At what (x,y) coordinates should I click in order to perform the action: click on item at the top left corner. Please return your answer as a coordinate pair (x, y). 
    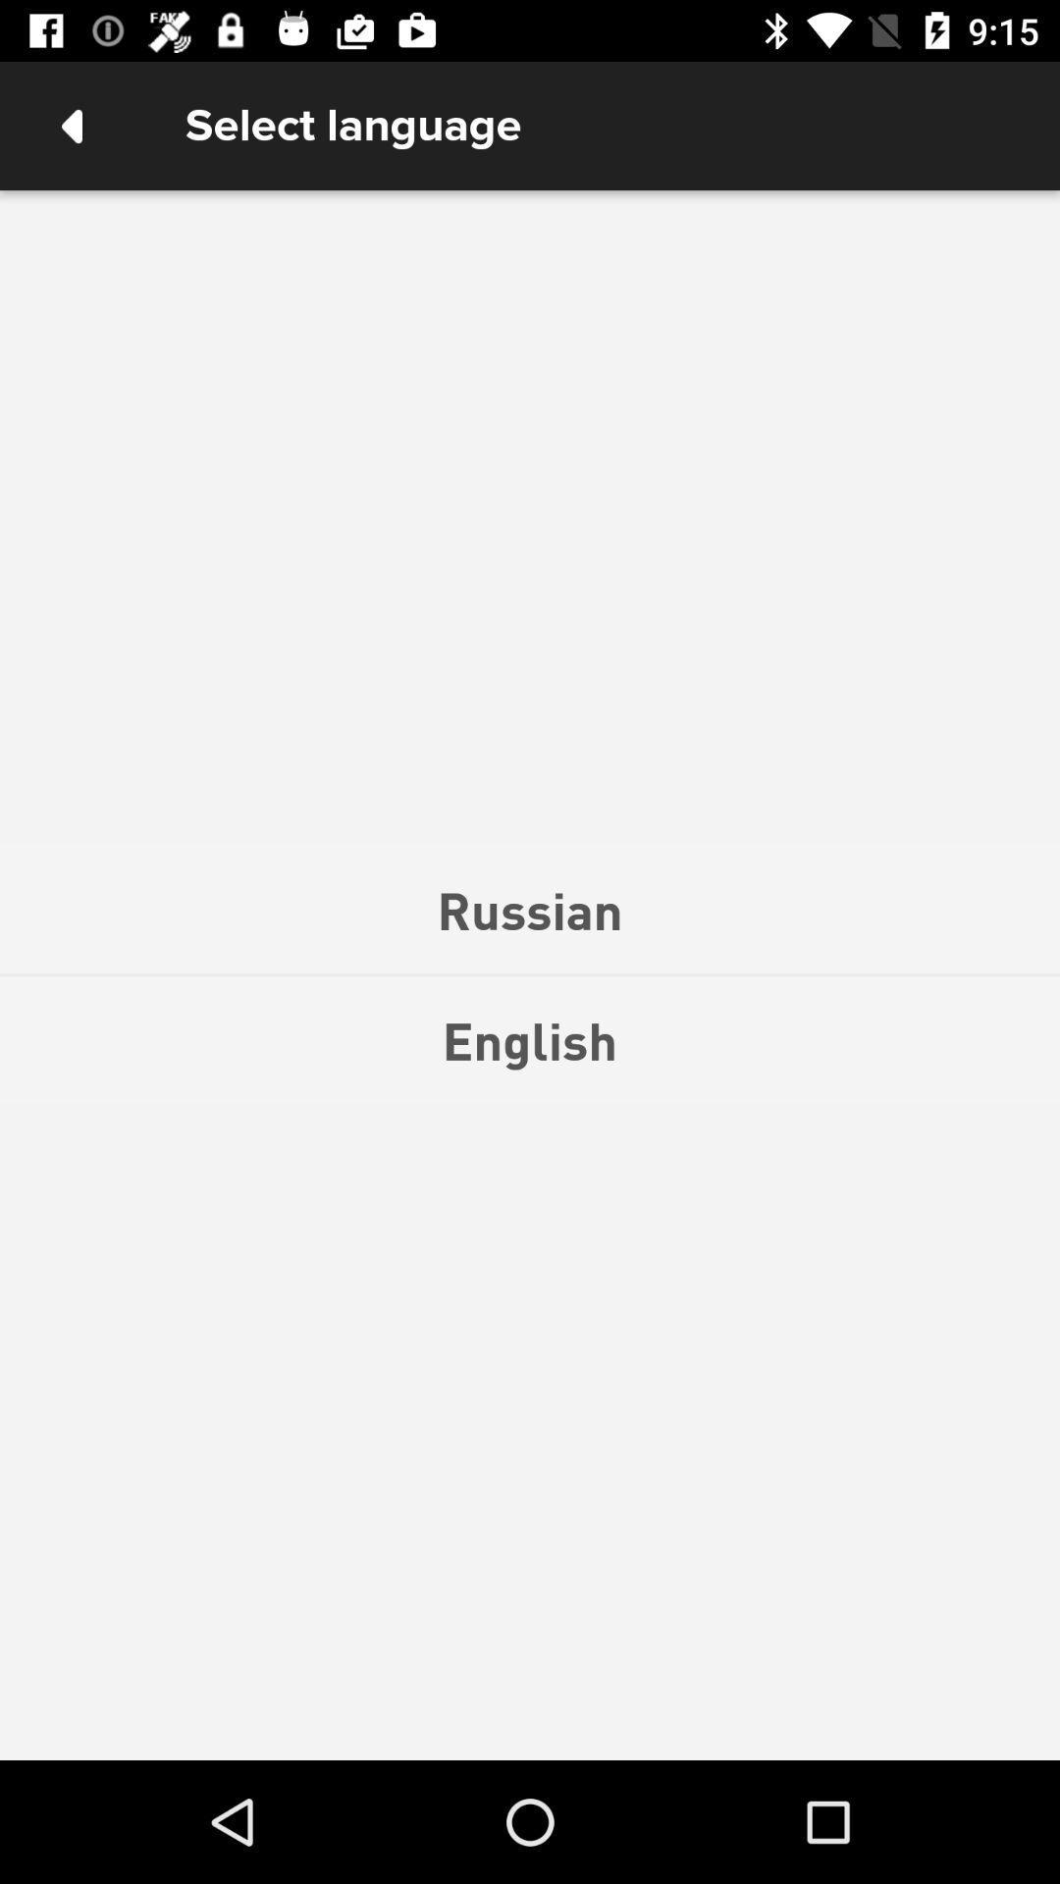
    Looking at the image, I should click on (71, 125).